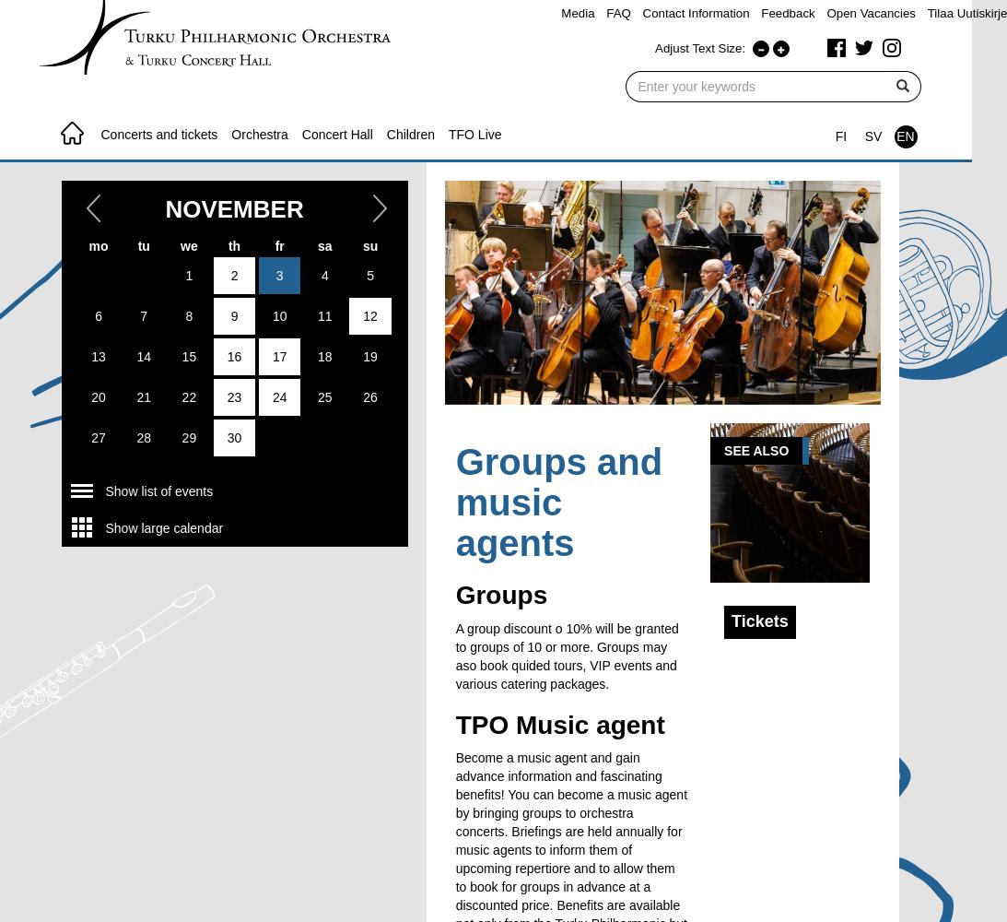 Image resolution: width=1007 pixels, height=922 pixels. Describe the element at coordinates (233, 207) in the screenshot. I see `'November'` at that location.